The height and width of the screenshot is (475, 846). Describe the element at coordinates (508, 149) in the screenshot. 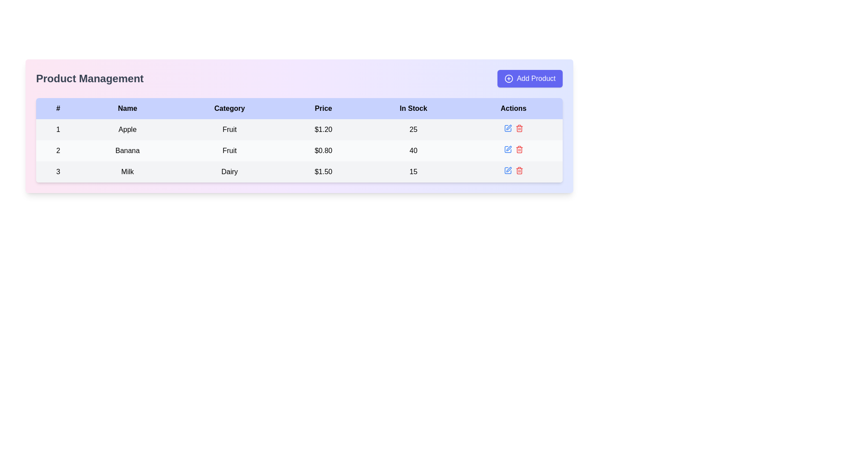

I see `the Action Icon located in the action column of the second row of the tabular structure to initiate edit` at that location.